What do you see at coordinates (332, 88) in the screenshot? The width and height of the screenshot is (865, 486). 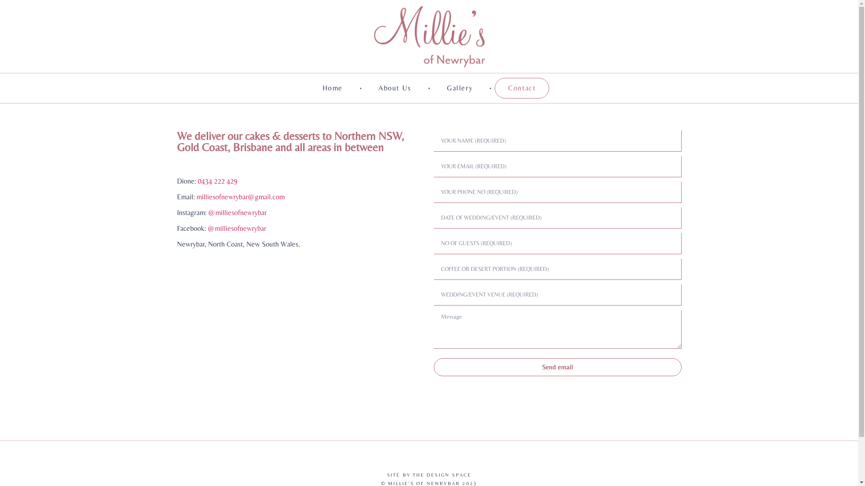 I see `'Home'` at bounding box center [332, 88].